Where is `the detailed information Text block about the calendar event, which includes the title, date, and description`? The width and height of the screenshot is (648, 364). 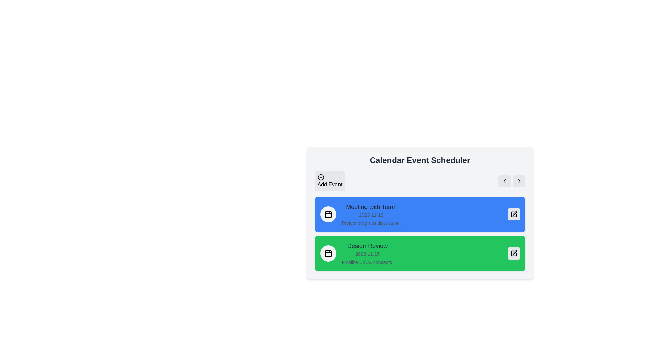 the detailed information Text block about the calendar event, which includes the title, date, and description is located at coordinates (371, 214).